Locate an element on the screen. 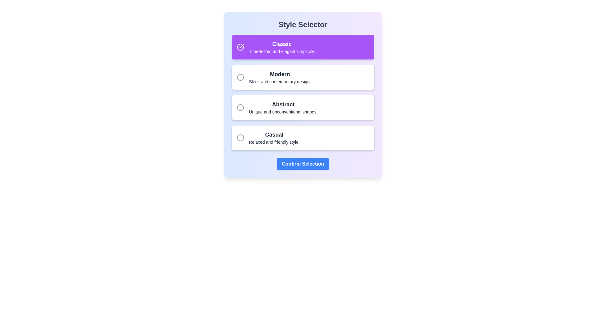  the icon that indicates the selected state of the 'Classic' style option located in the top-left corner of the 'Classic' option card within the 'Style Selector' modal is located at coordinates (240, 47).